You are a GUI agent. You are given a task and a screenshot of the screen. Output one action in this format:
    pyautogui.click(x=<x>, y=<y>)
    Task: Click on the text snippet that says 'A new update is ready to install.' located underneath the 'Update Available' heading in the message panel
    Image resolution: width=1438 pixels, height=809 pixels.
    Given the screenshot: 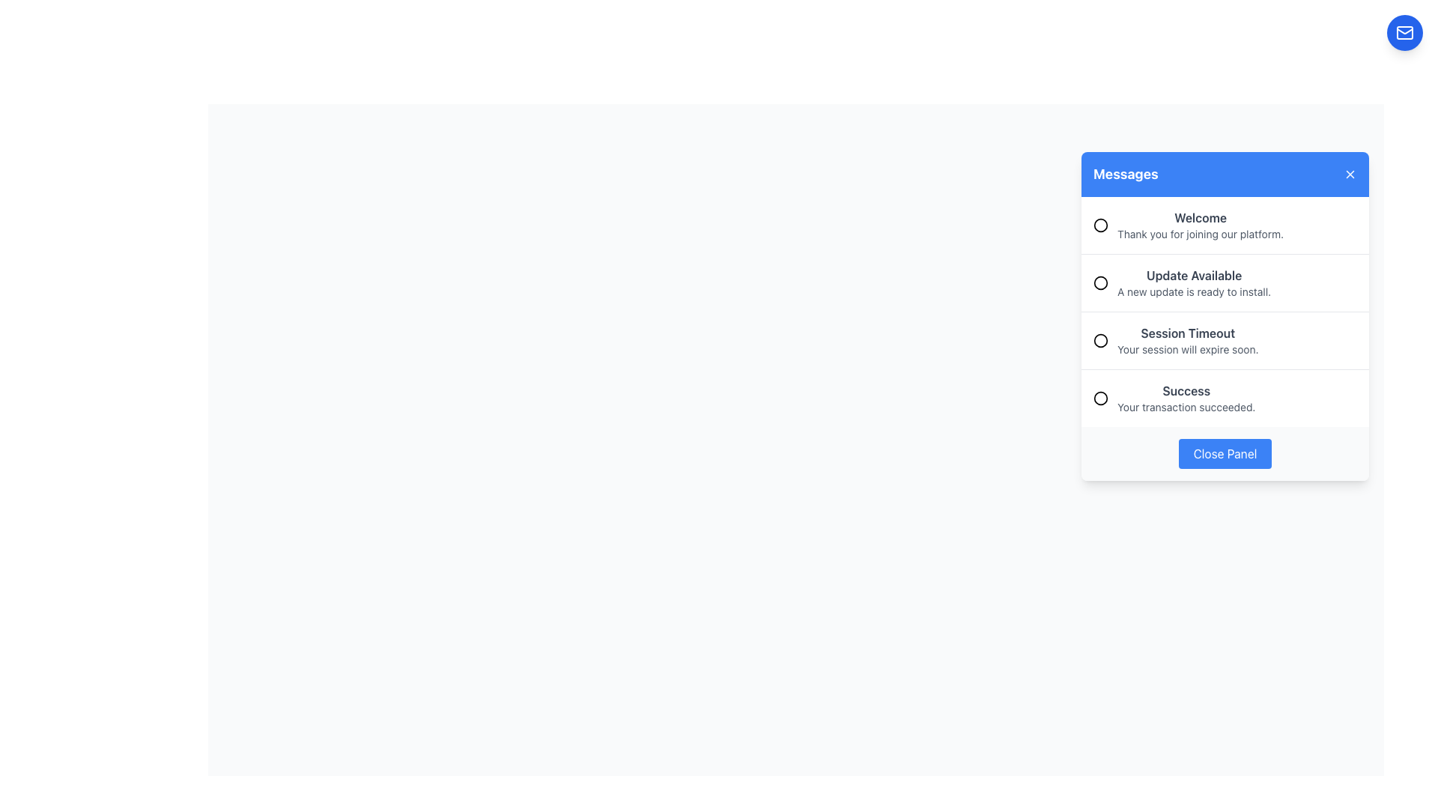 What is the action you would take?
    pyautogui.click(x=1193, y=291)
    